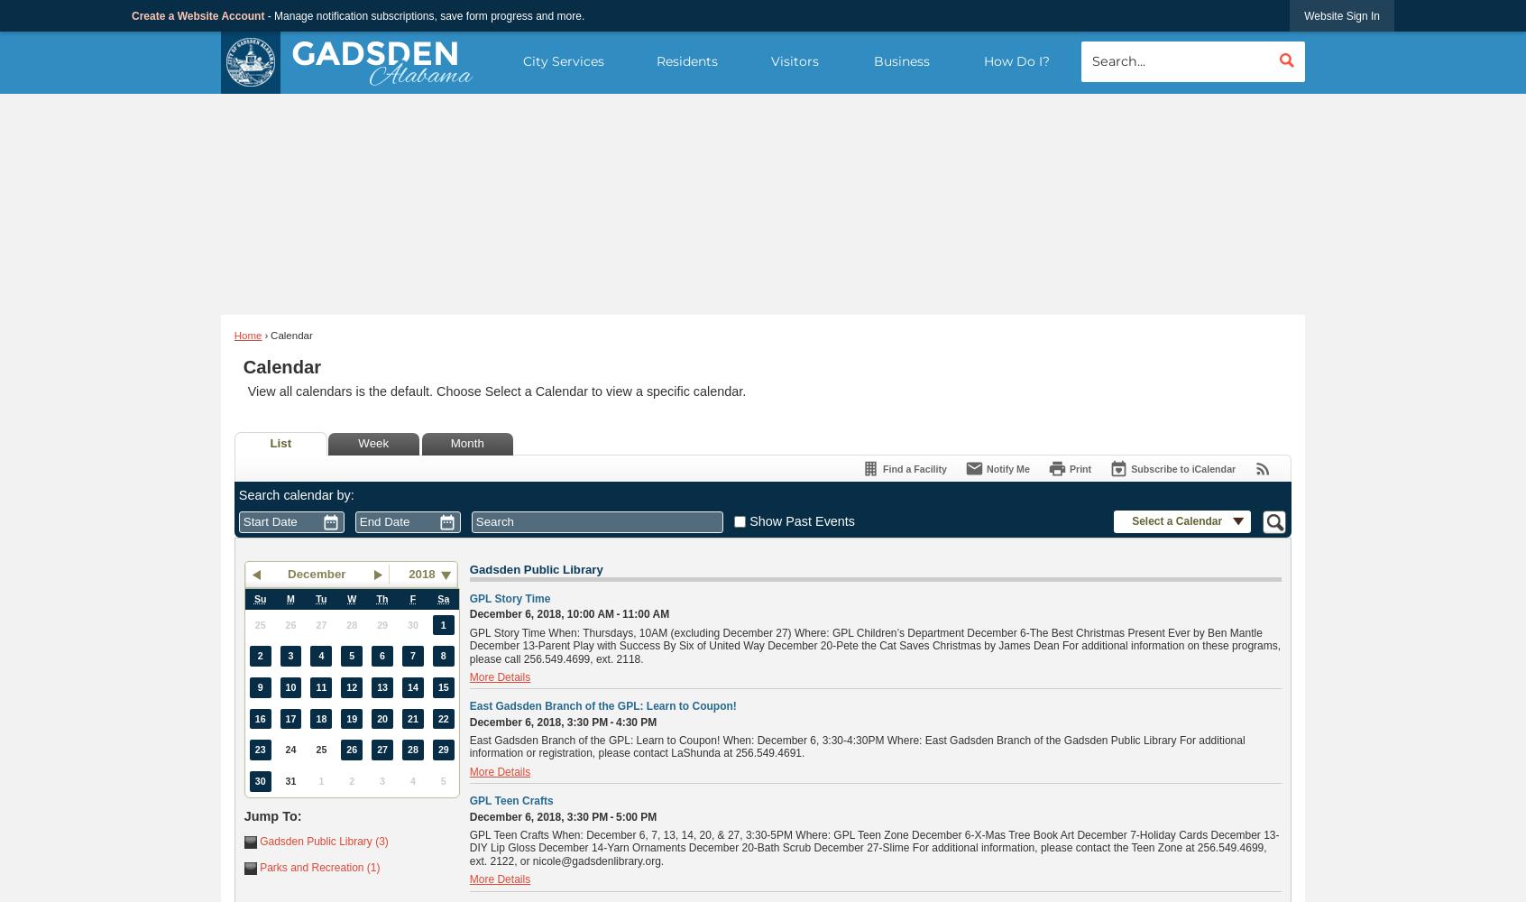 The width and height of the screenshot is (1526, 902). I want to click on 'GPL Teen Crafts', so click(468, 801).